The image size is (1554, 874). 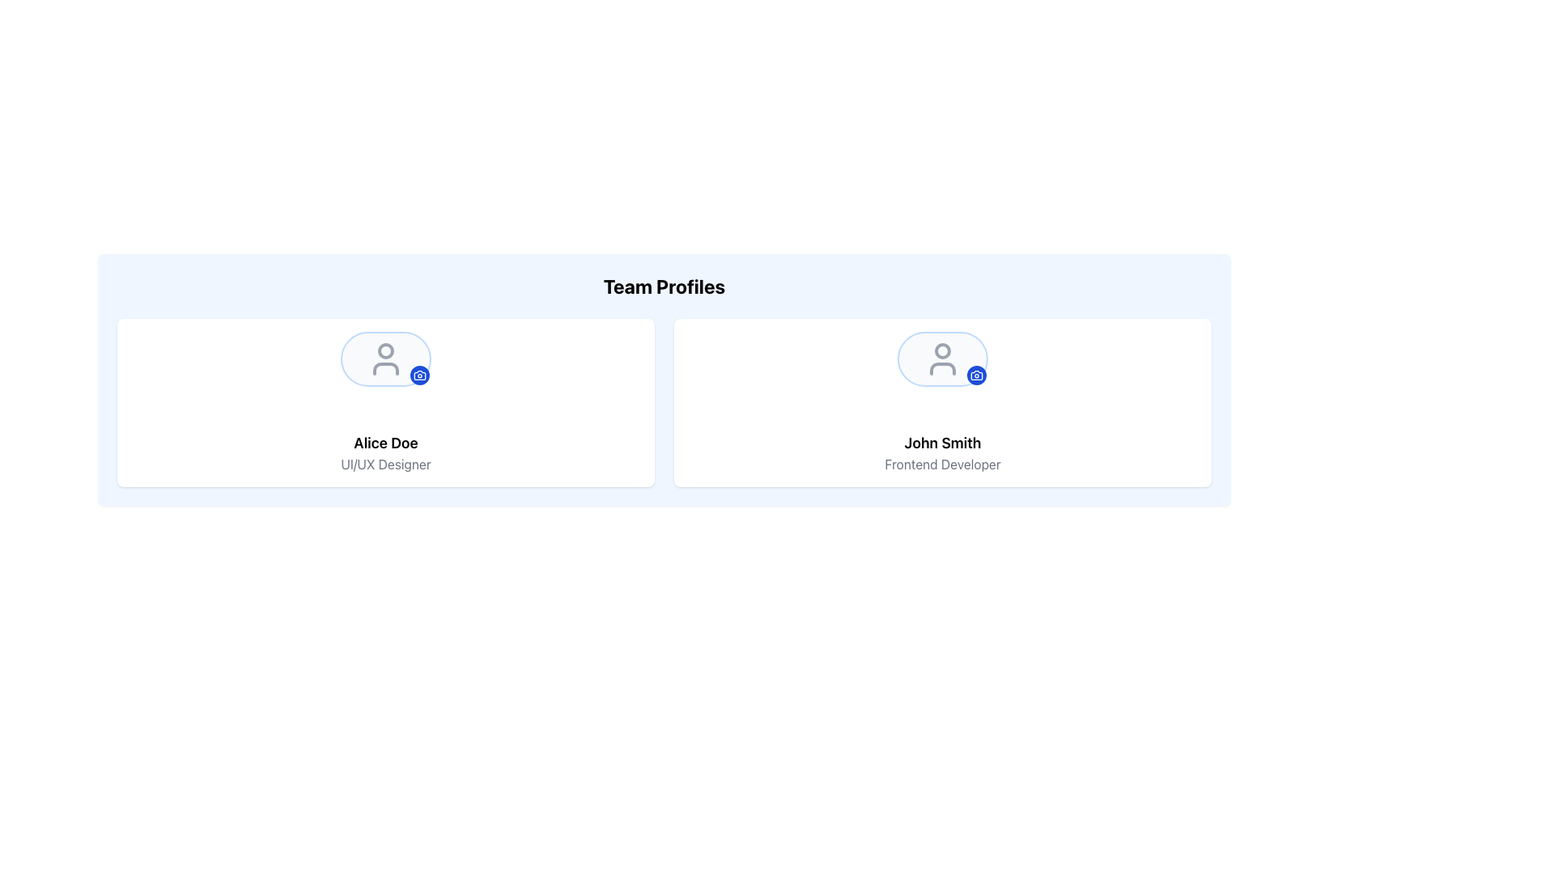 What do you see at coordinates (943, 358) in the screenshot?
I see `the user icon representing John Smith's profile in the 'Team Profiles' section, which is styled as a circular head with a neck outline and is located at the center of the second profile card` at bounding box center [943, 358].